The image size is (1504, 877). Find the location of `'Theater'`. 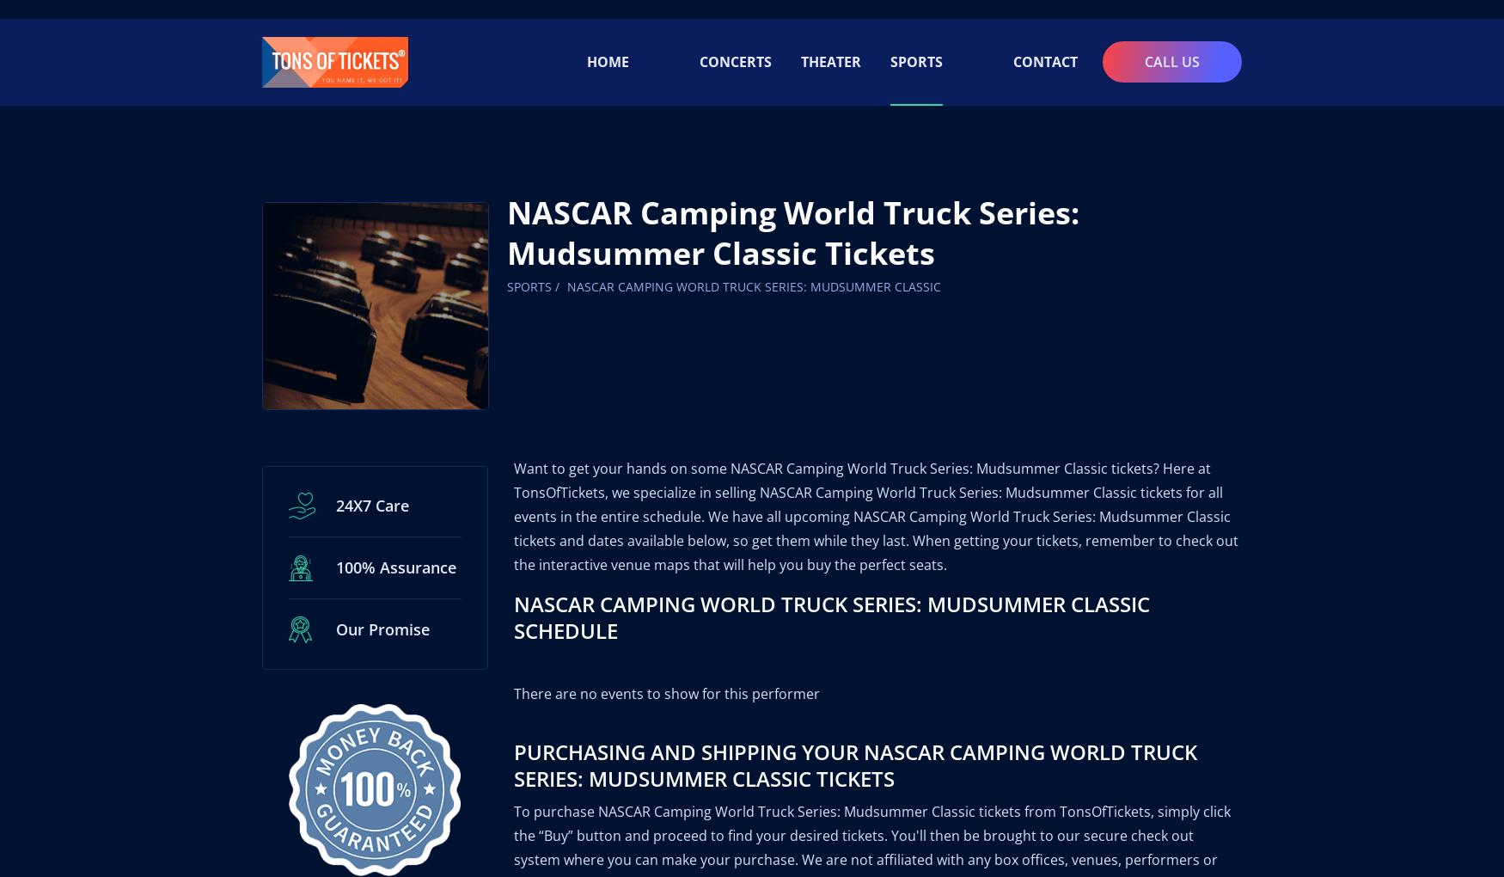

'Theater' is located at coordinates (831, 42).